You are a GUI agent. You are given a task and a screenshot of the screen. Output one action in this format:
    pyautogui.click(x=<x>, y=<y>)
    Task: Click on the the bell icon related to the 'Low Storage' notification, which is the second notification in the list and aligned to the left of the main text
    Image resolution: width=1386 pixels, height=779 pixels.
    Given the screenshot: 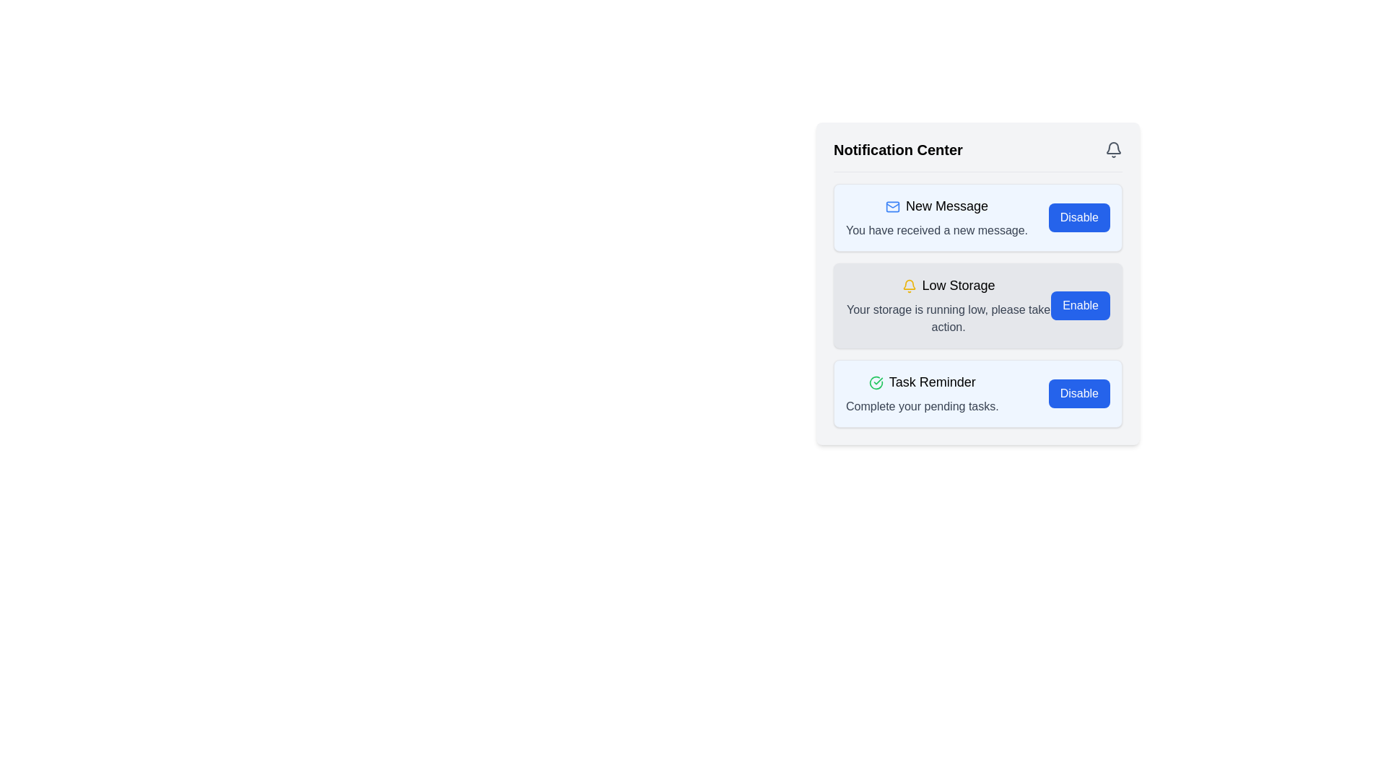 What is the action you would take?
    pyautogui.click(x=908, y=286)
    